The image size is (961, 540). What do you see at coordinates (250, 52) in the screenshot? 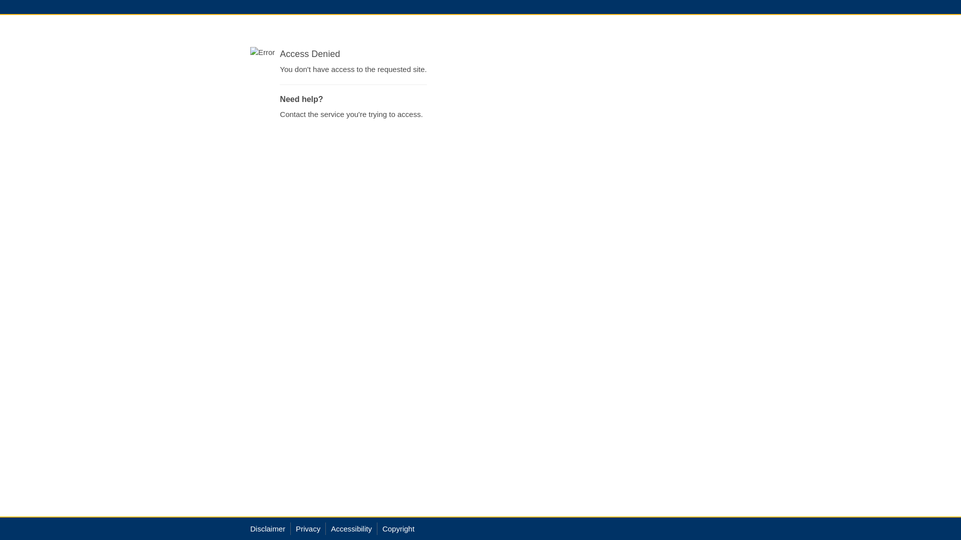
I see `'Error'` at bounding box center [250, 52].